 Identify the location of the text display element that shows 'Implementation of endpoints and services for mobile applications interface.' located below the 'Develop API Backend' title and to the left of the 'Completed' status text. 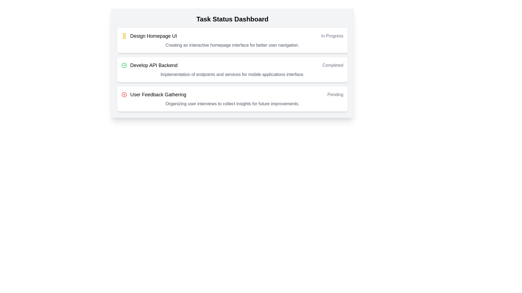
(232, 74).